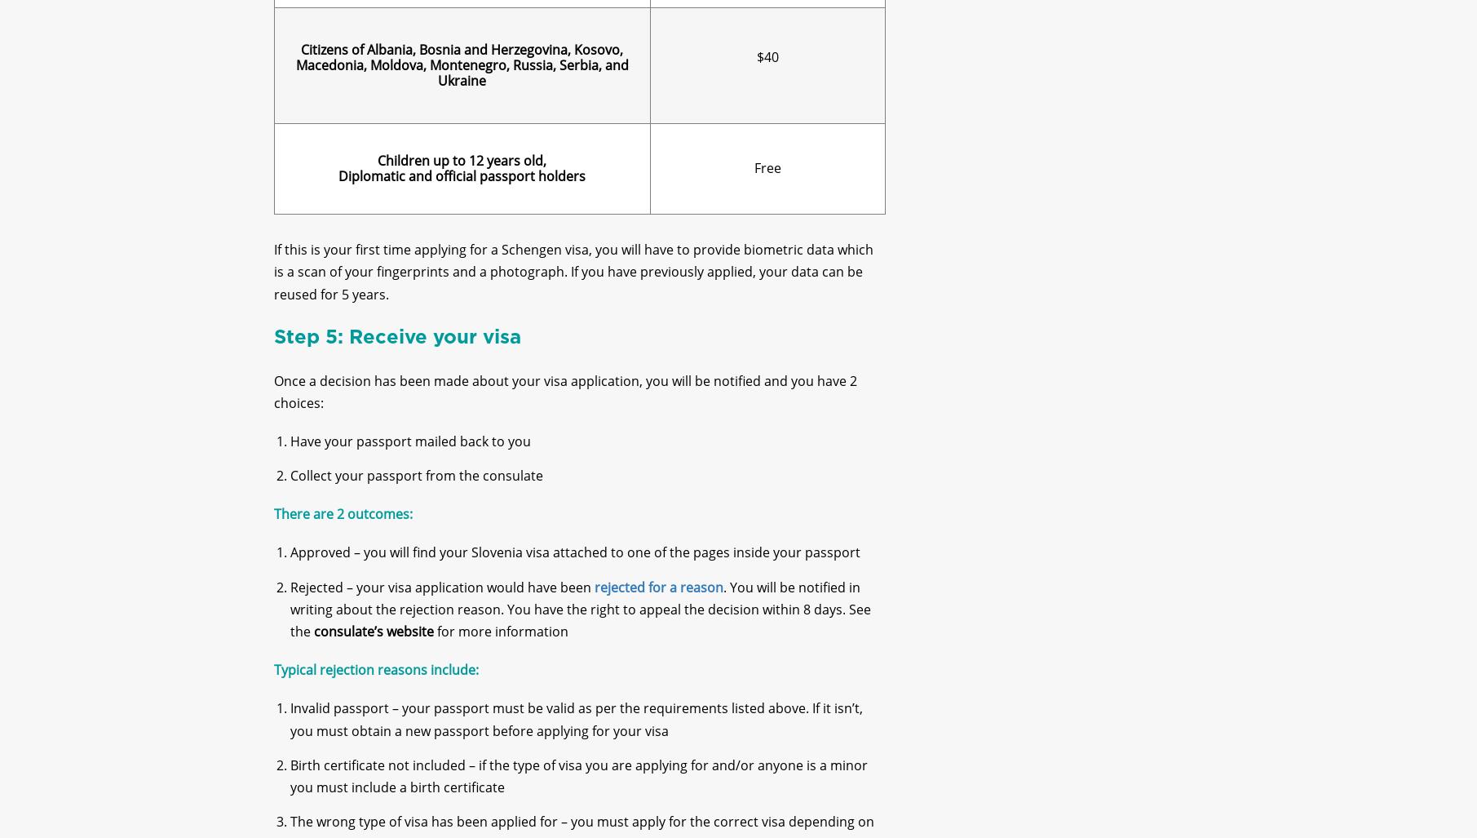 Image resolution: width=1477 pixels, height=838 pixels. What do you see at coordinates (342, 527) in the screenshot?
I see `'There are 2 outcomes:'` at bounding box center [342, 527].